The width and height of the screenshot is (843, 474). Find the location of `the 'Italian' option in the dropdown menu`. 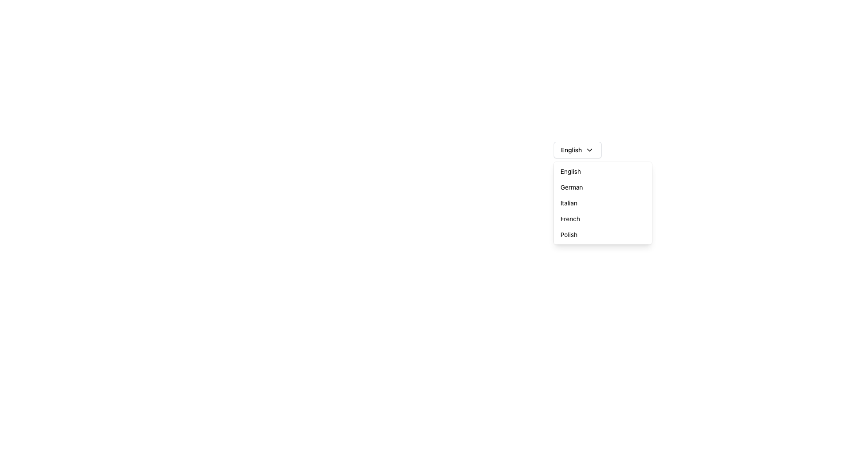

the 'Italian' option in the dropdown menu is located at coordinates (602, 203).